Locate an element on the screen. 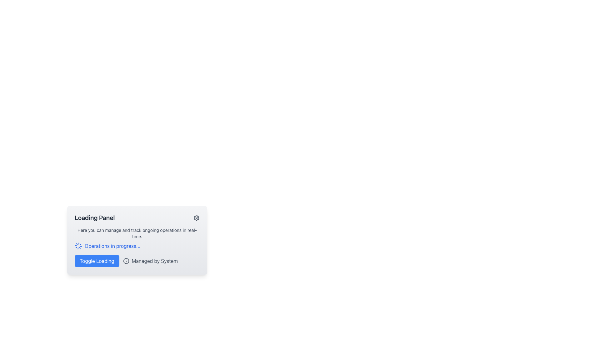 This screenshot has width=600, height=338. informational text block with the spinning loader icon that displays 'Operations in progress...' located below the header 'Loading Panel' is located at coordinates (137, 238).